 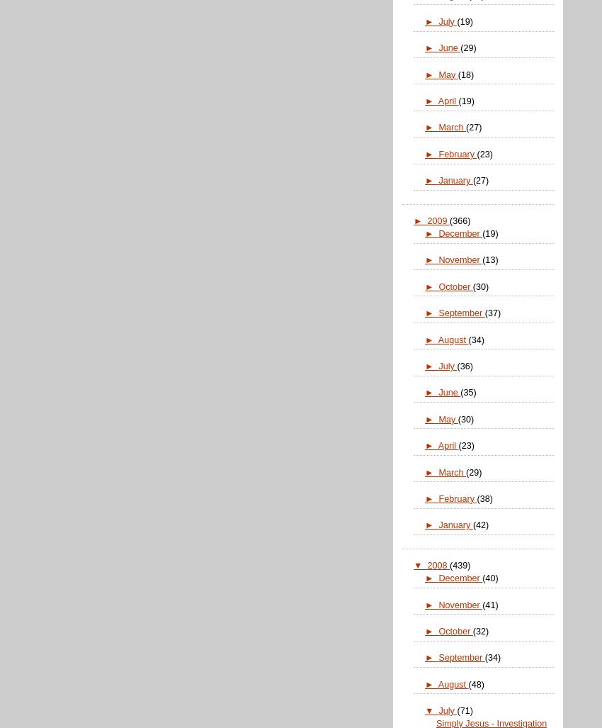 What do you see at coordinates (460, 220) in the screenshot?
I see `'(366)'` at bounding box center [460, 220].